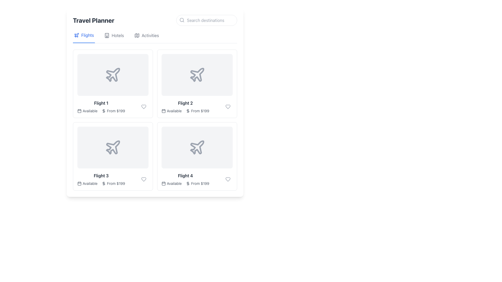 The height and width of the screenshot is (282, 502). Describe the element at coordinates (197, 75) in the screenshot. I see `the airplane graphic icon in the top-right corner of the grid layout, which is part of the 'Flight 2' item in the travel planner interface` at that location.